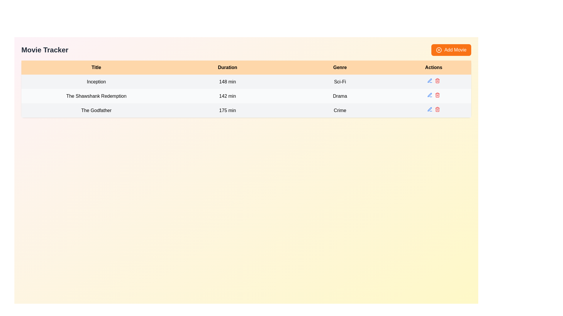  What do you see at coordinates (437, 95) in the screenshot?
I see `the delete button located in the second row of the movie table's 'Actions' column to observe any hover effects or tooltips` at bounding box center [437, 95].